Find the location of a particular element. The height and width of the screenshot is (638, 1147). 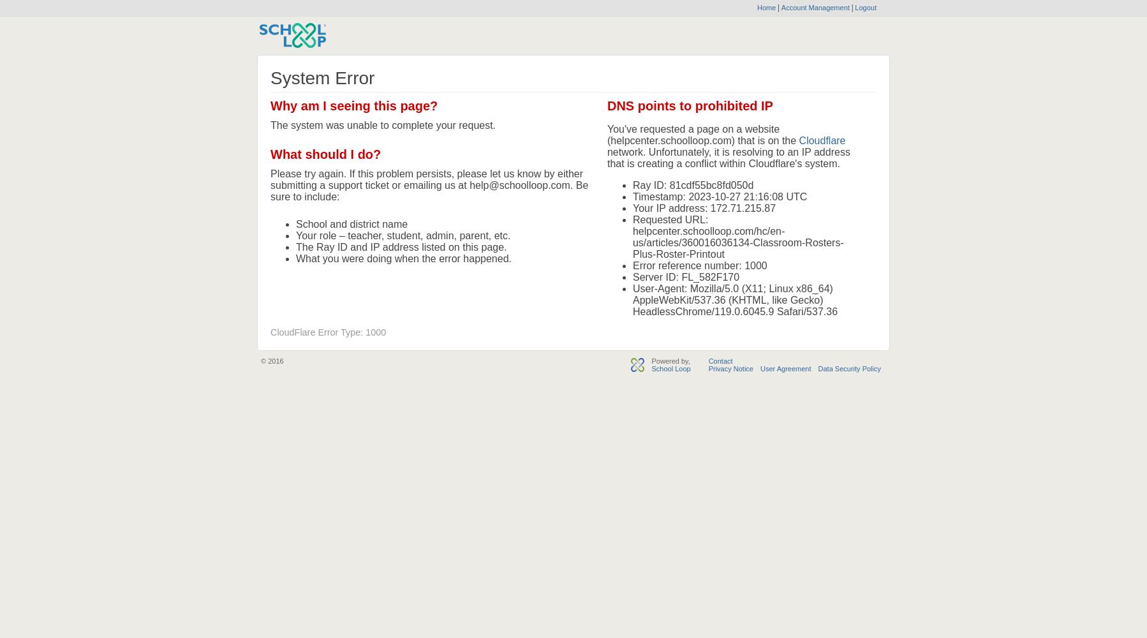

'CloudFlare Error Type: 1000' is located at coordinates (328, 332).